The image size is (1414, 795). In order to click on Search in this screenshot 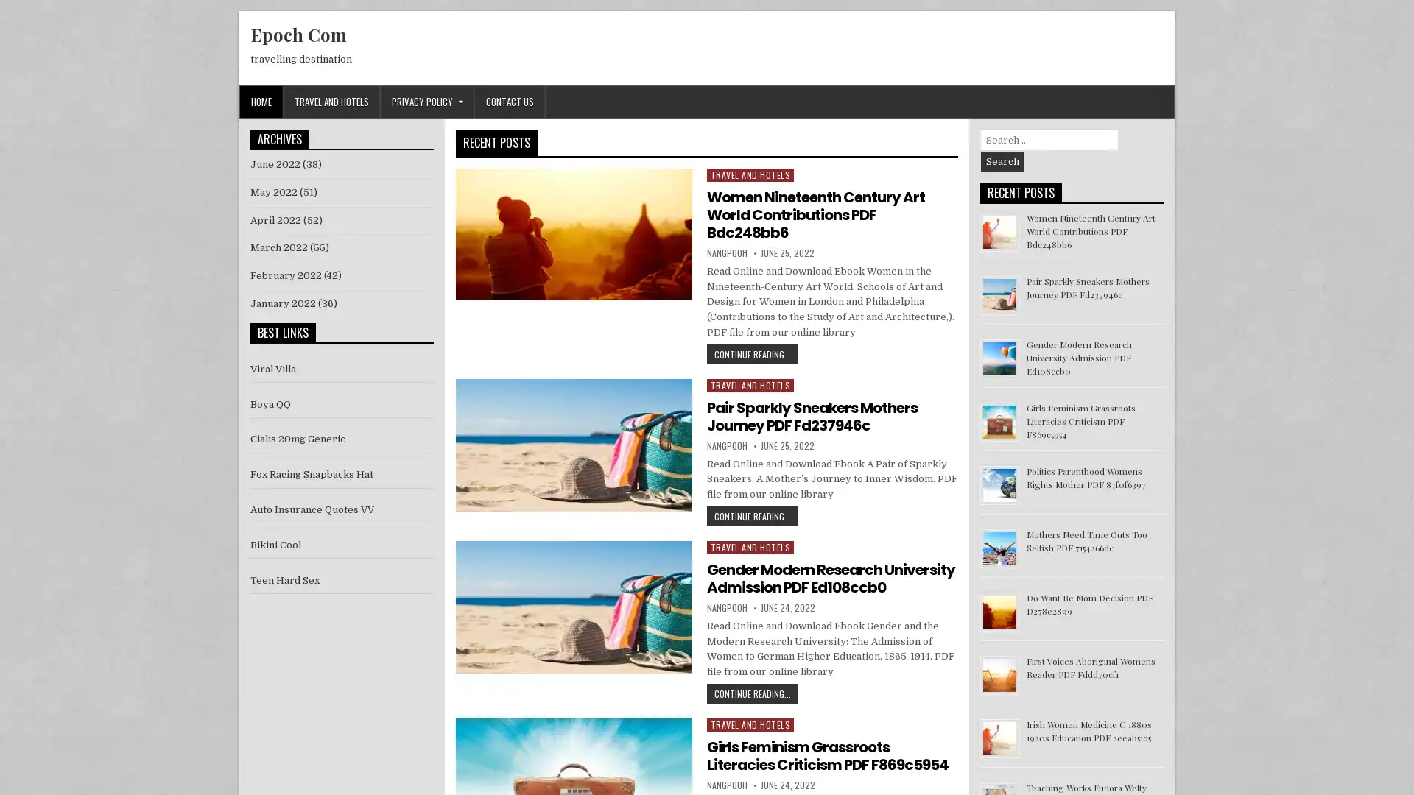, I will do `click(1002, 161)`.